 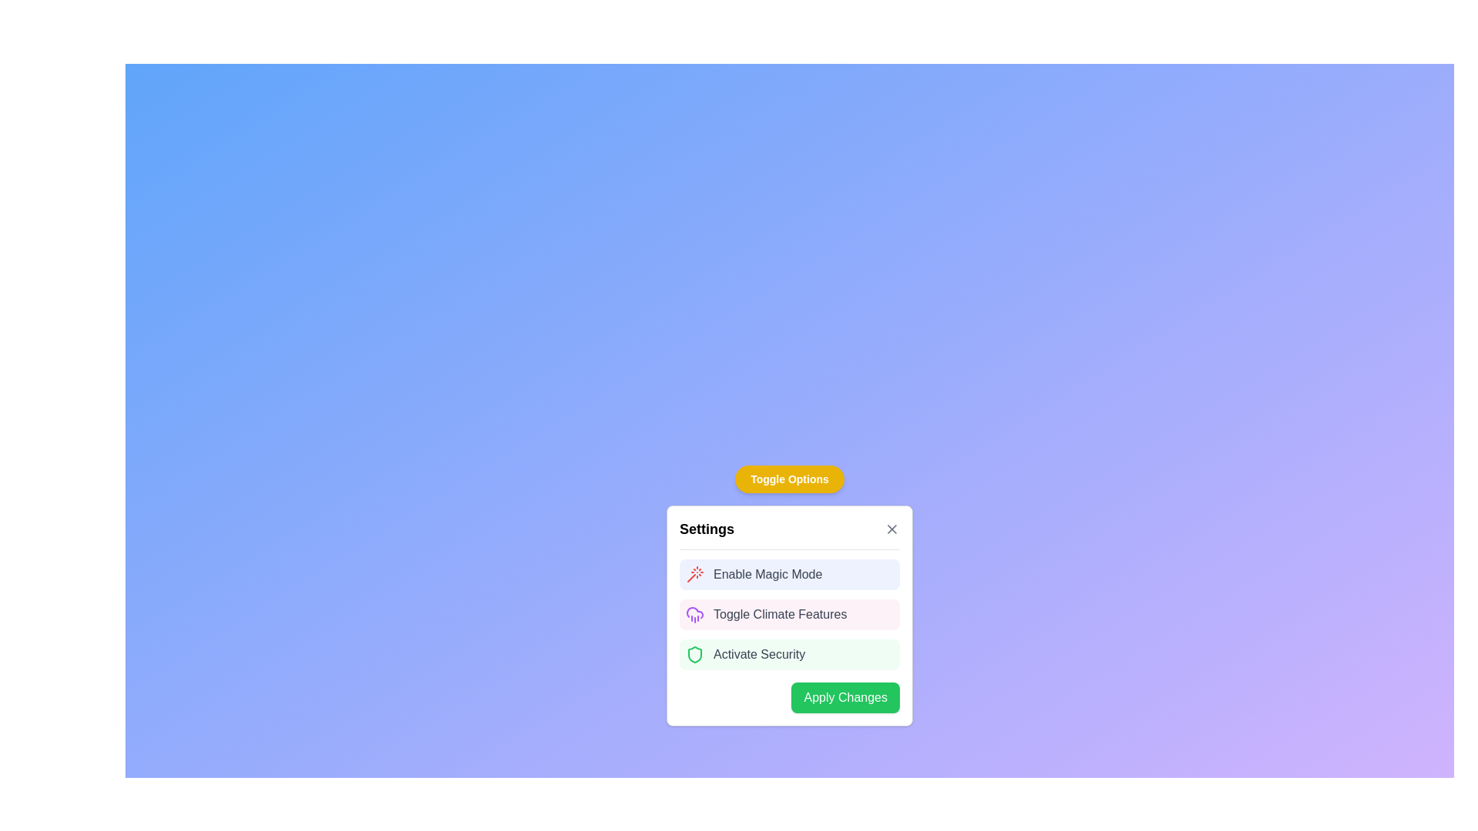 I want to click on the shield icon located in the third row of the settings options list in the 'Settings' modal panel, which is positioned to the left of the 'Activate Security' text, so click(x=694, y=655).